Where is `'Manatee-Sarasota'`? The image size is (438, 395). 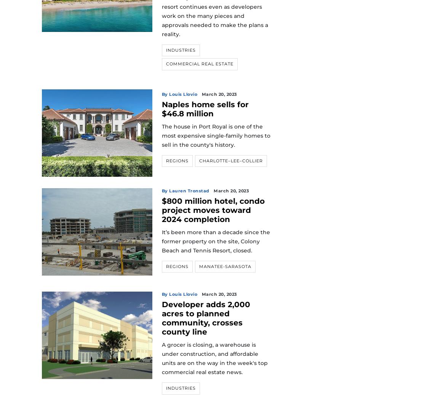
'Manatee-Sarasota' is located at coordinates (224, 265).